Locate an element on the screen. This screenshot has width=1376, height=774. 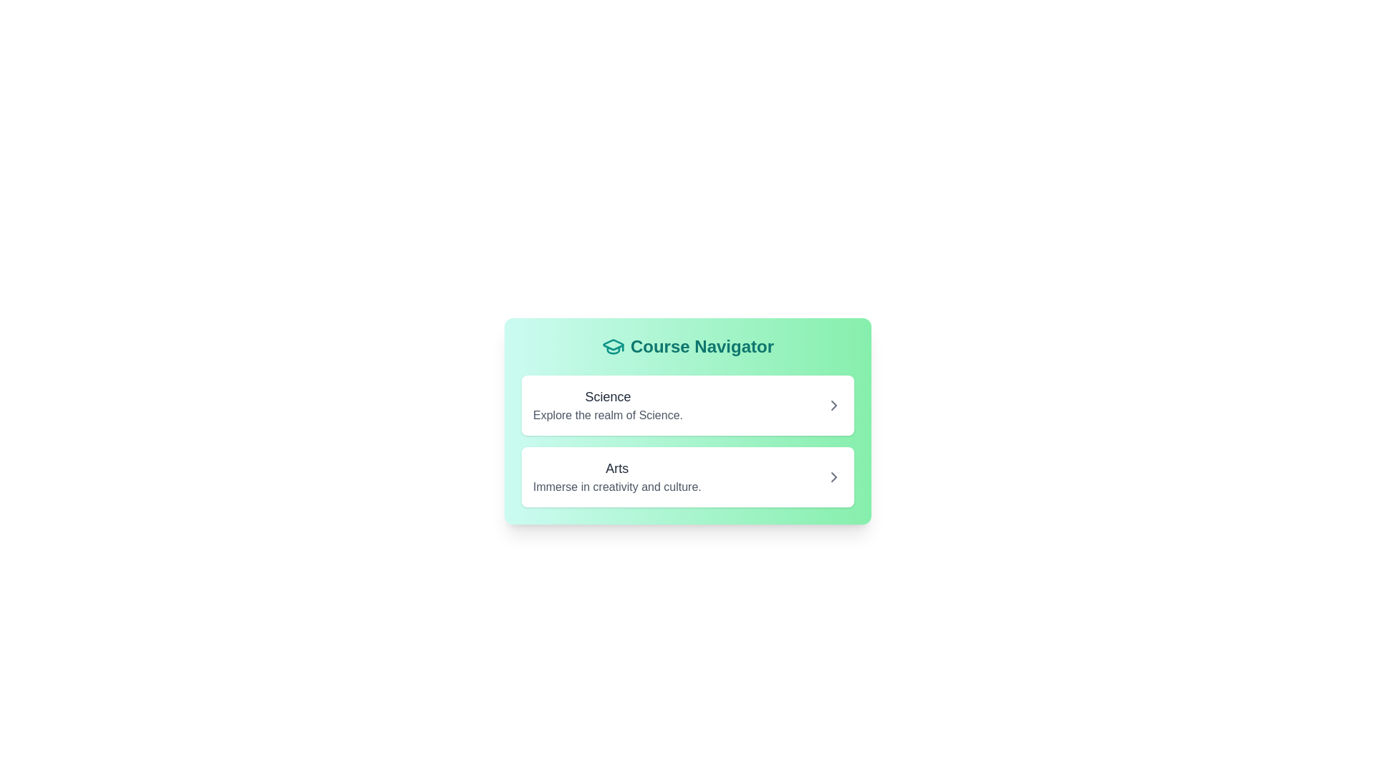
bold, teal-colored text labeled 'Course Navigator' displayed prominently at the top of the card interface is located at coordinates (702, 346).